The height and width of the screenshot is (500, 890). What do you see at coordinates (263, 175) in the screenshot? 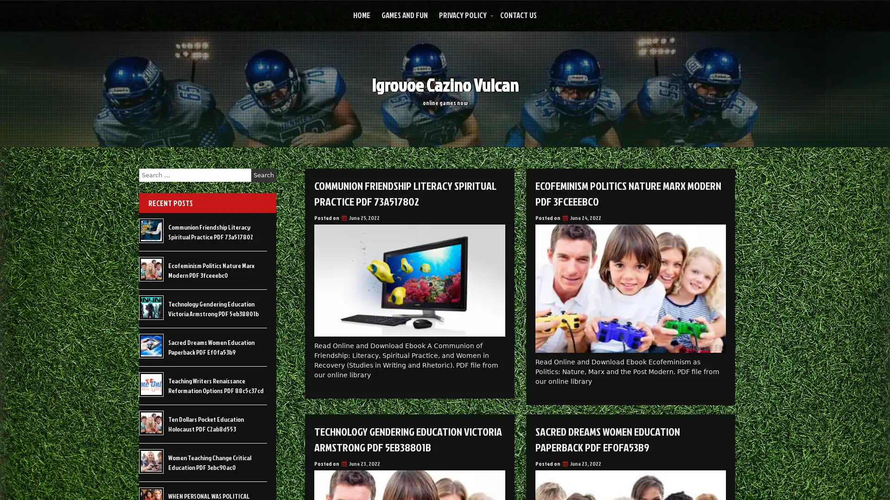
I see `Search` at bounding box center [263, 175].